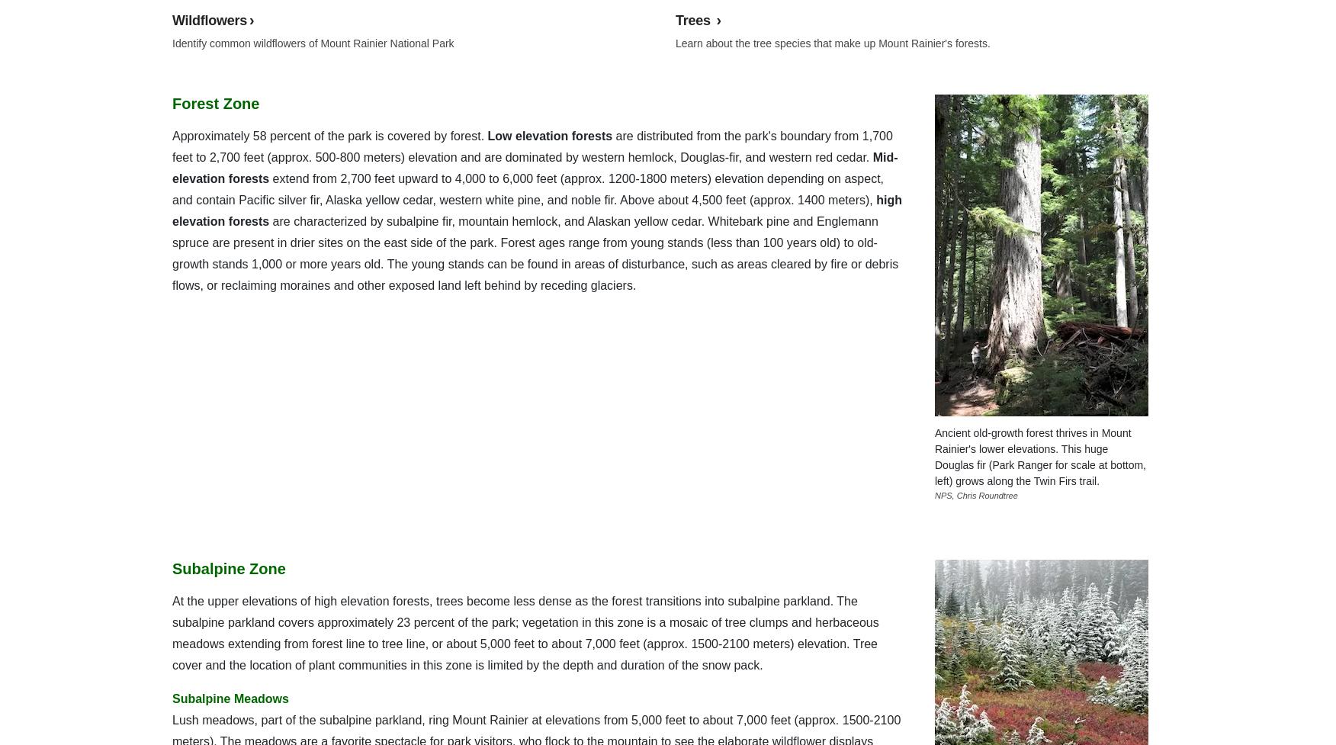 Image resolution: width=1336 pixels, height=745 pixels. What do you see at coordinates (172, 22) in the screenshot?
I see `'Accessibility'` at bounding box center [172, 22].